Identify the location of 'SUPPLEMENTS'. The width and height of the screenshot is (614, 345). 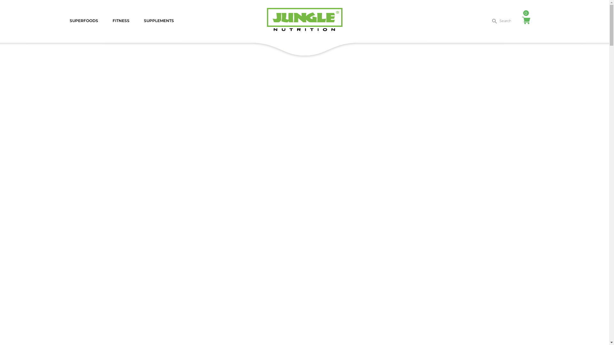
(158, 20).